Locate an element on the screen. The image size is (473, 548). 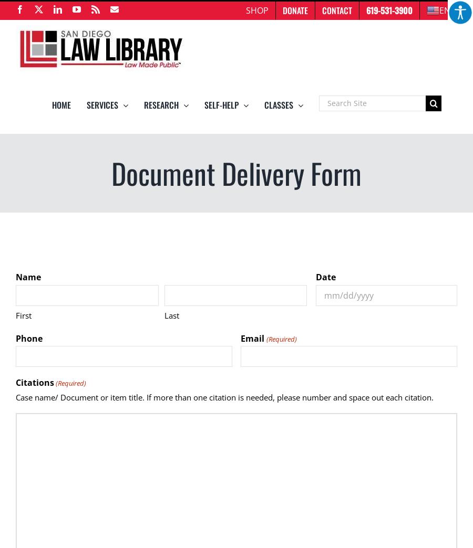
'Case name/ Document or item title. If more than one citation is needed, please number and space out each citation.' is located at coordinates (224, 397).